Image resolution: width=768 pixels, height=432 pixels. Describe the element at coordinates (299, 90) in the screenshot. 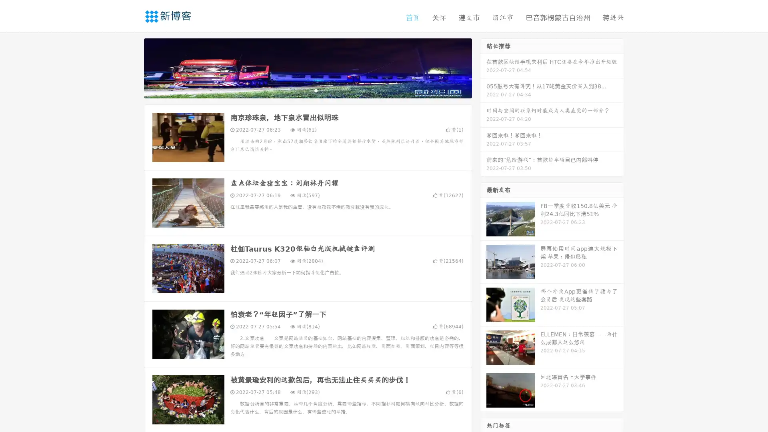

I see `Go to slide 1` at that location.